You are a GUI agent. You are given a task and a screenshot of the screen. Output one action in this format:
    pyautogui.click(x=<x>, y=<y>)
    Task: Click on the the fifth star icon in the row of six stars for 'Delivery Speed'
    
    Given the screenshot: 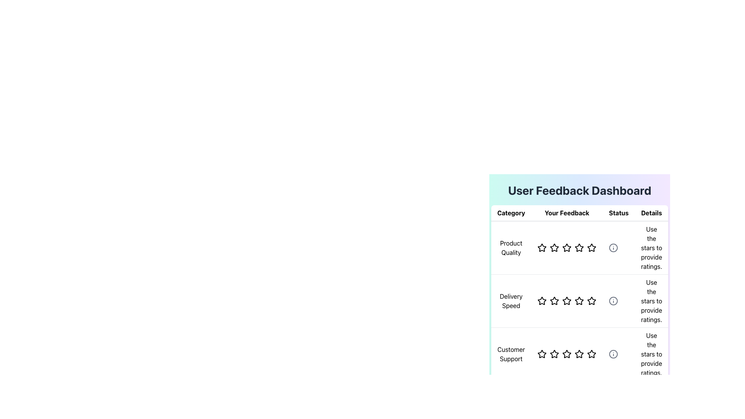 What is the action you would take?
    pyautogui.click(x=591, y=300)
    